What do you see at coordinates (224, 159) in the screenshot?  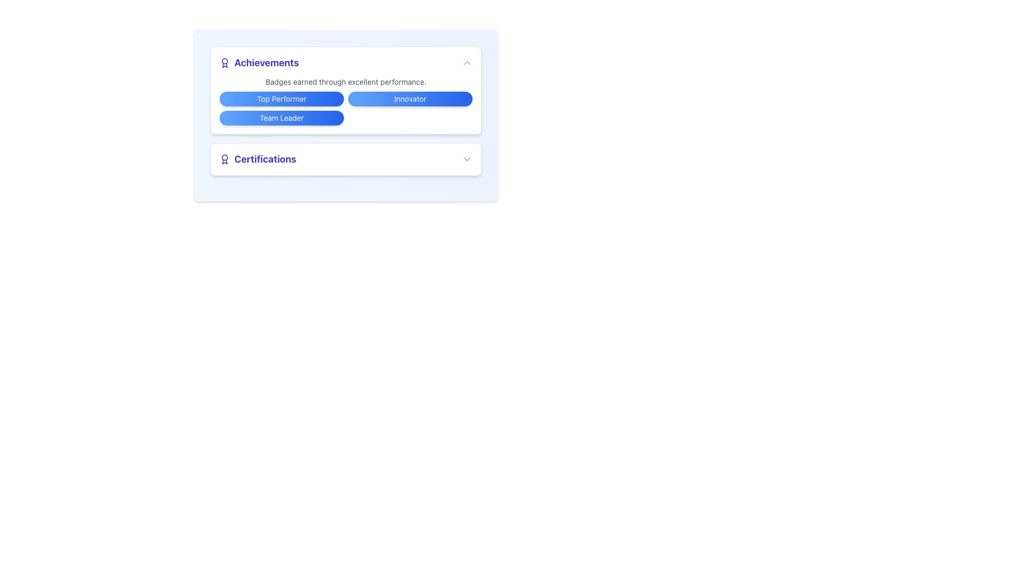 I see `the certifications icon located in the bottom module of the interface, which is directly left of the heading 'Certifications'` at bounding box center [224, 159].